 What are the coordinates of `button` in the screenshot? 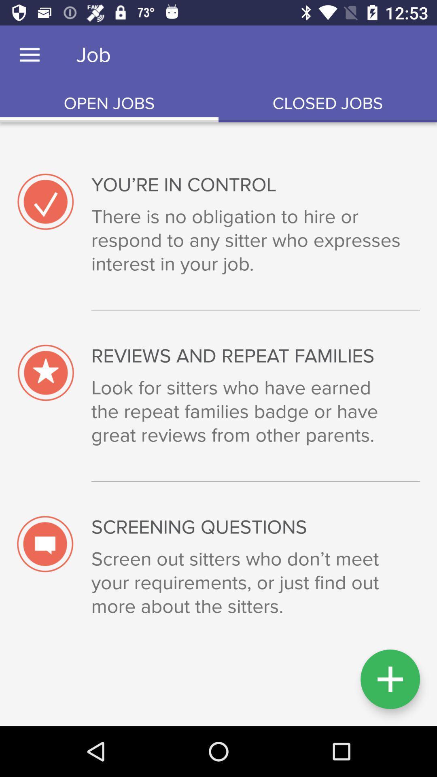 It's located at (390, 679).